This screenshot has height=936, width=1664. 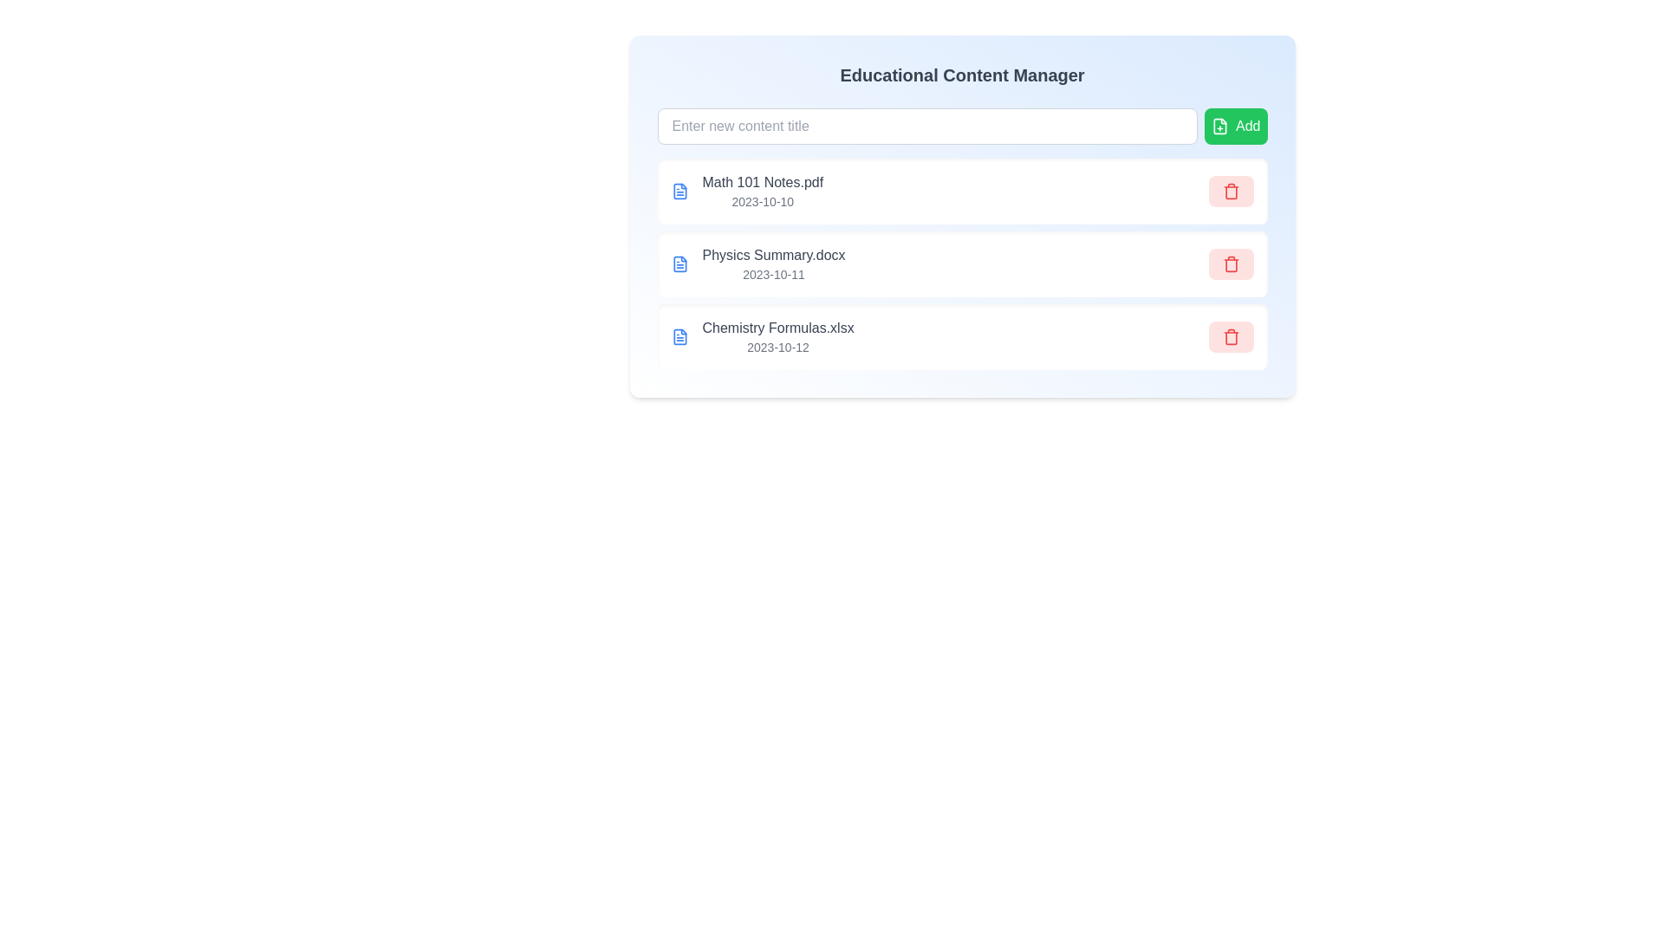 I want to click on the document file icon representing 'Physics Summary.docx', so click(x=679, y=263).